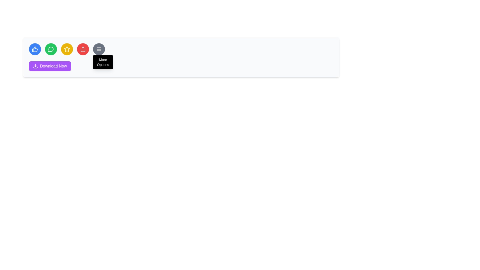  I want to click on the download icon located within the purple 'Download Now' button situated in the lower left area of the toolbar, so click(35, 66).